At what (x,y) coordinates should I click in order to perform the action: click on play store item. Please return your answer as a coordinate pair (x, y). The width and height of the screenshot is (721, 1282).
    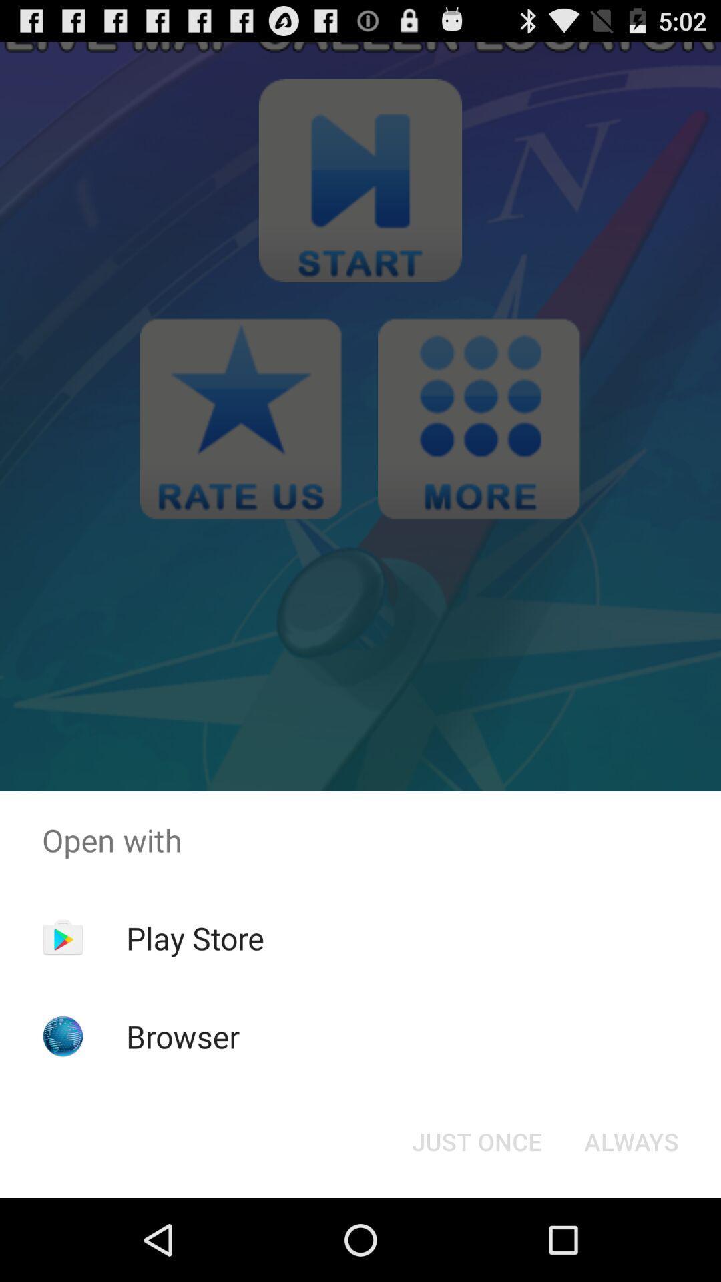
    Looking at the image, I should click on (195, 937).